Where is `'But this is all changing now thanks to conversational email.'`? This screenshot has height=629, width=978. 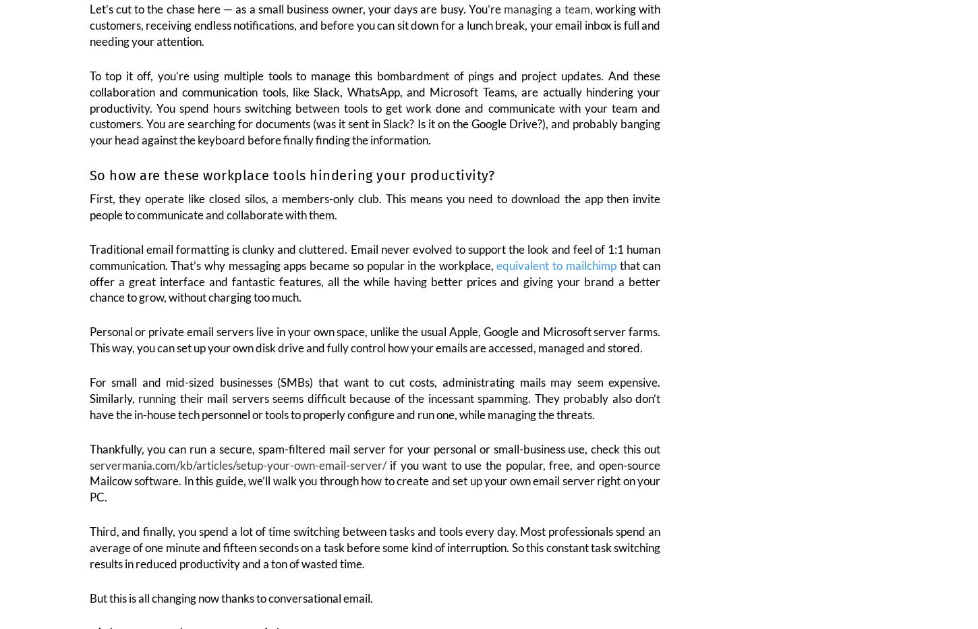 'But this is all changing now thanks to conversational email.' is located at coordinates (232, 606).